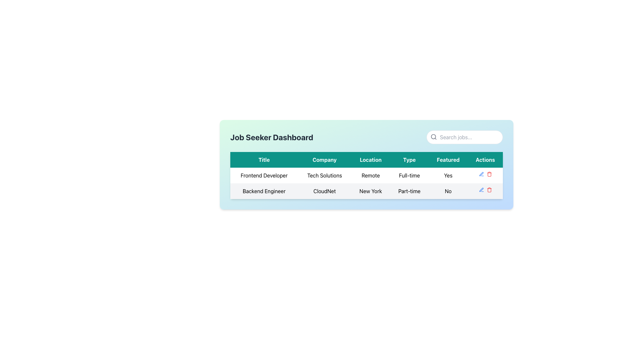 This screenshot has height=353, width=629. What do you see at coordinates (409, 175) in the screenshot?
I see `the text label indicating 'Full-time' employment type for the 'Frontend Developer' position located in the fourth cell of the row` at bounding box center [409, 175].